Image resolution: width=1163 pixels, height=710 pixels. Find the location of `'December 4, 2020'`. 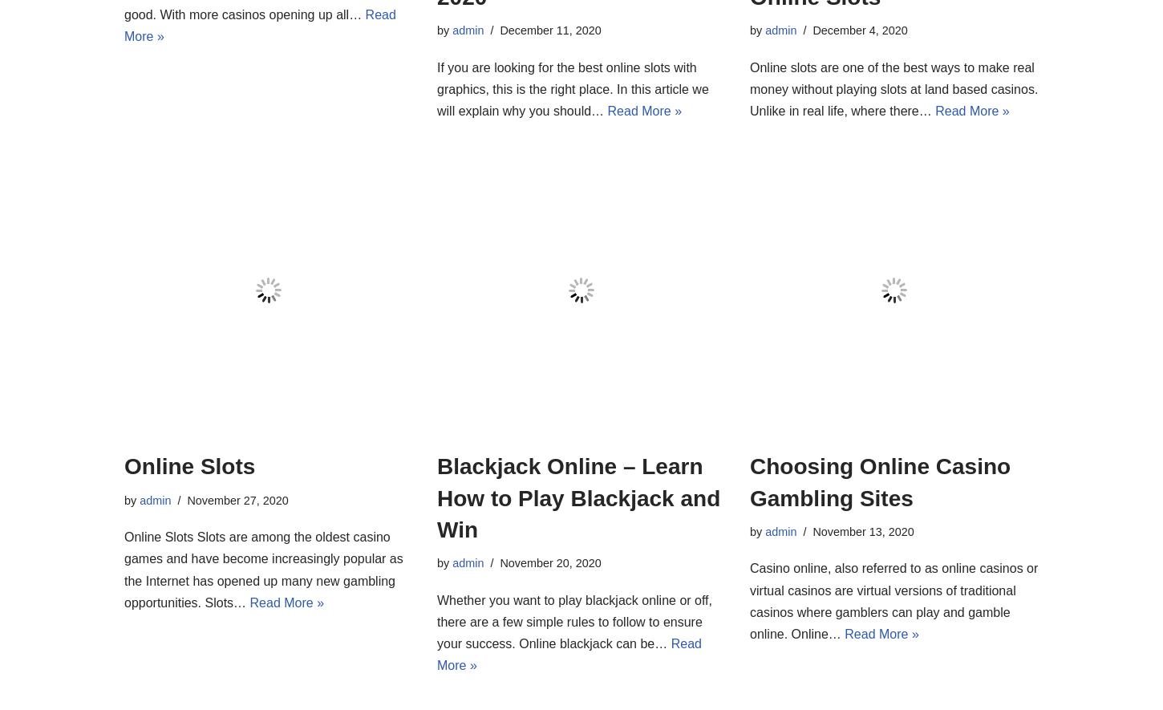

'December 4, 2020' is located at coordinates (859, 30).